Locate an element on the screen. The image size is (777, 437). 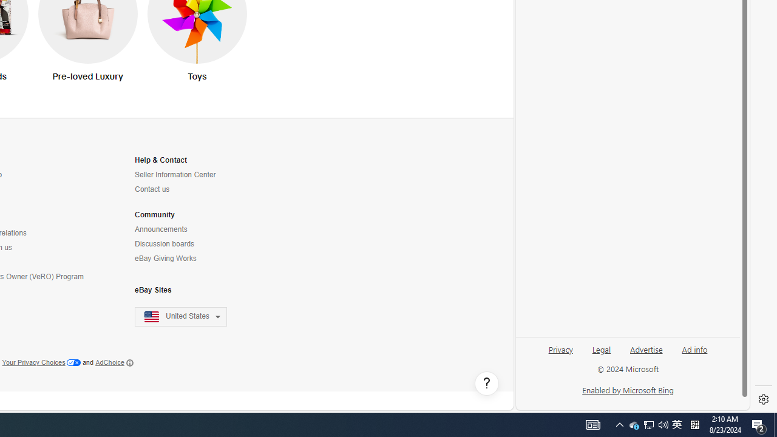
'Contact us' is located at coordinates (188, 189).